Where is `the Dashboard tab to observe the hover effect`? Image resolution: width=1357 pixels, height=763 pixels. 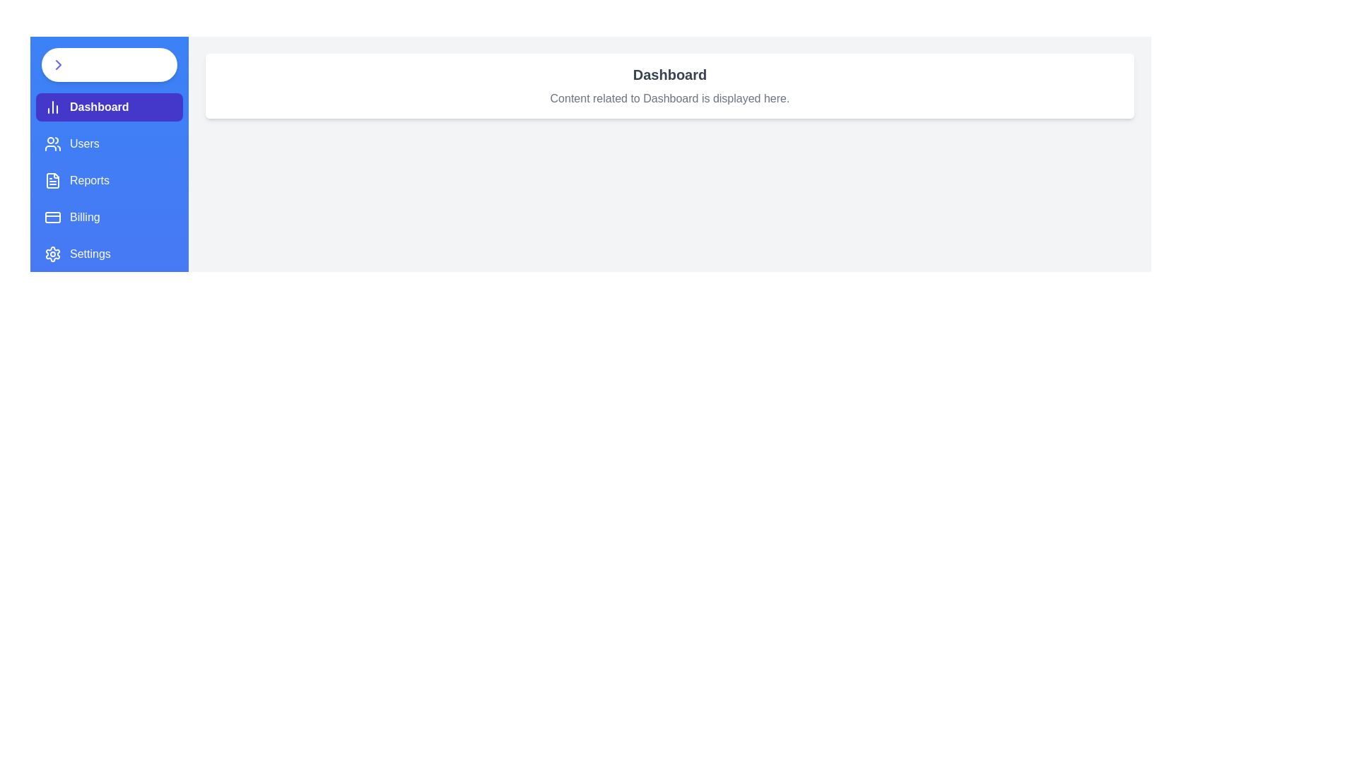 the Dashboard tab to observe the hover effect is located at coordinates (108, 106).